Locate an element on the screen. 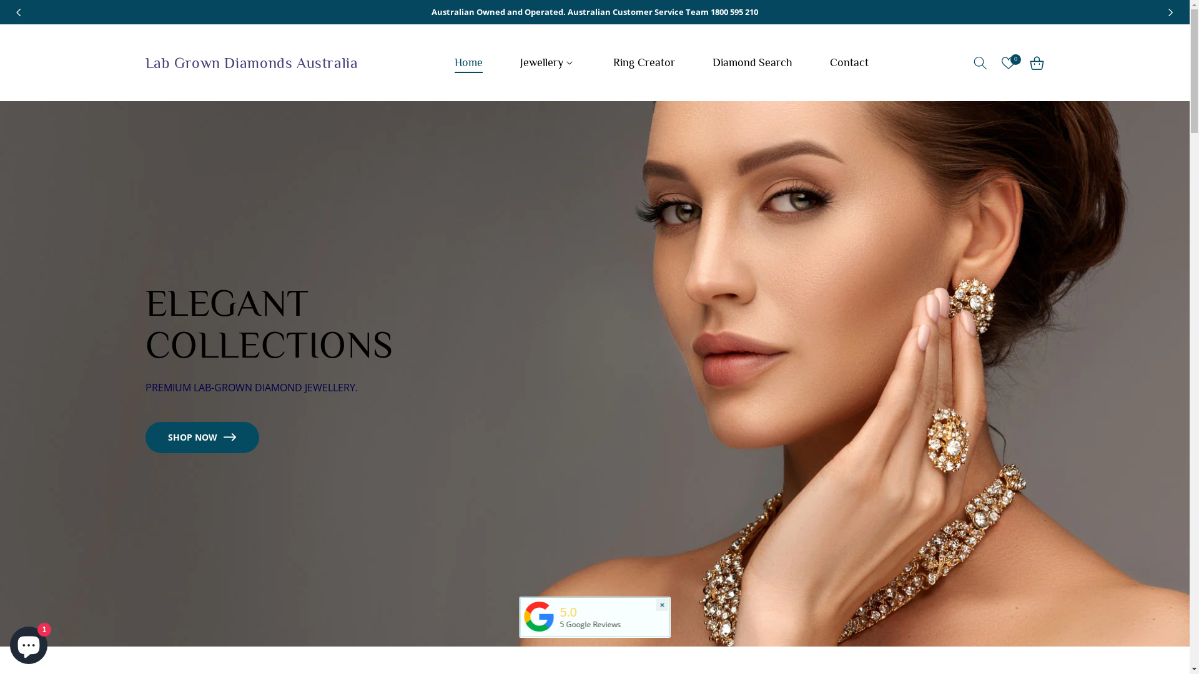 The width and height of the screenshot is (1199, 674). 'Diamond Search' is located at coordinates (751, 62).